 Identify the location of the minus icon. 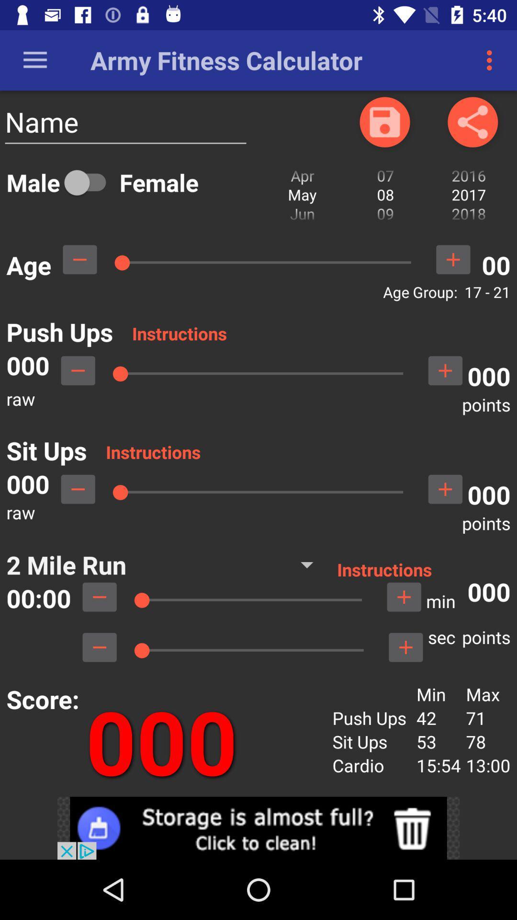
(100, 647).